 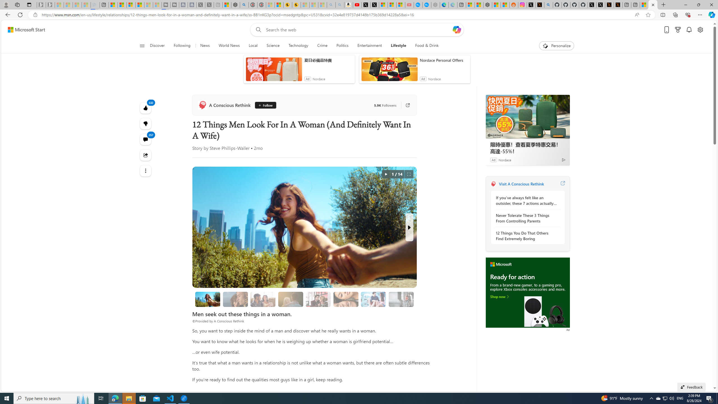 I want to click on 'Newsletter Sign Up - Sleeping', so click(x=50, y=4).